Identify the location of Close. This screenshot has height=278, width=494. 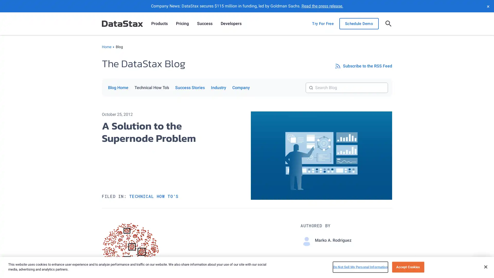
(485, 266).